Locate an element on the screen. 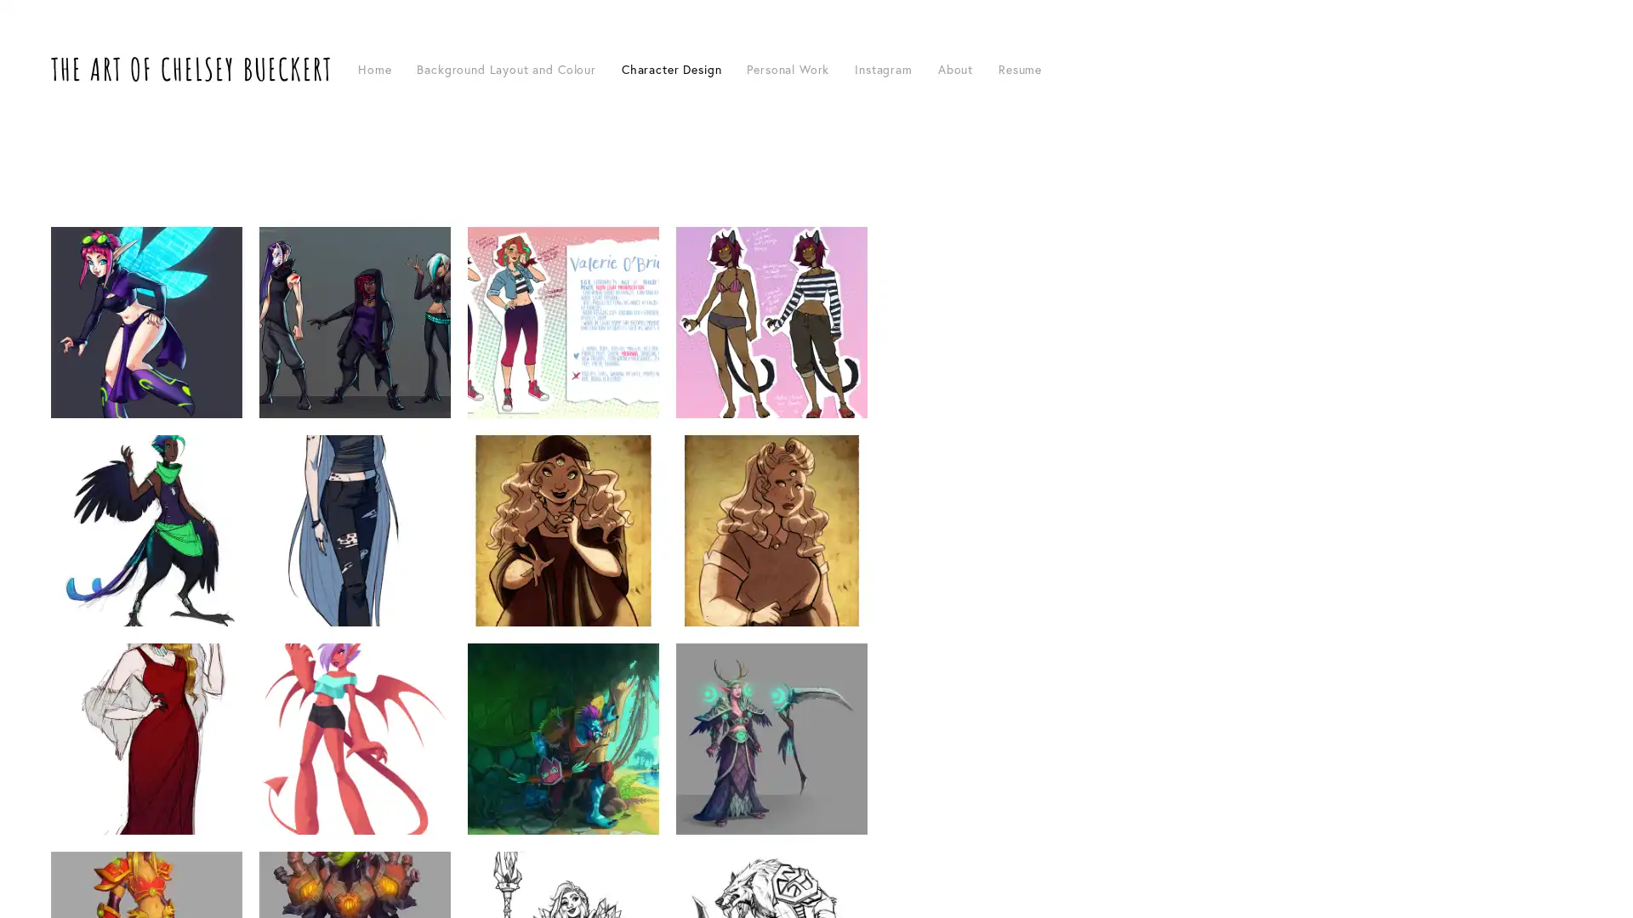 The image size is (1633, 918). View fullsize peneports2.png is located at coordinates (563, 530).